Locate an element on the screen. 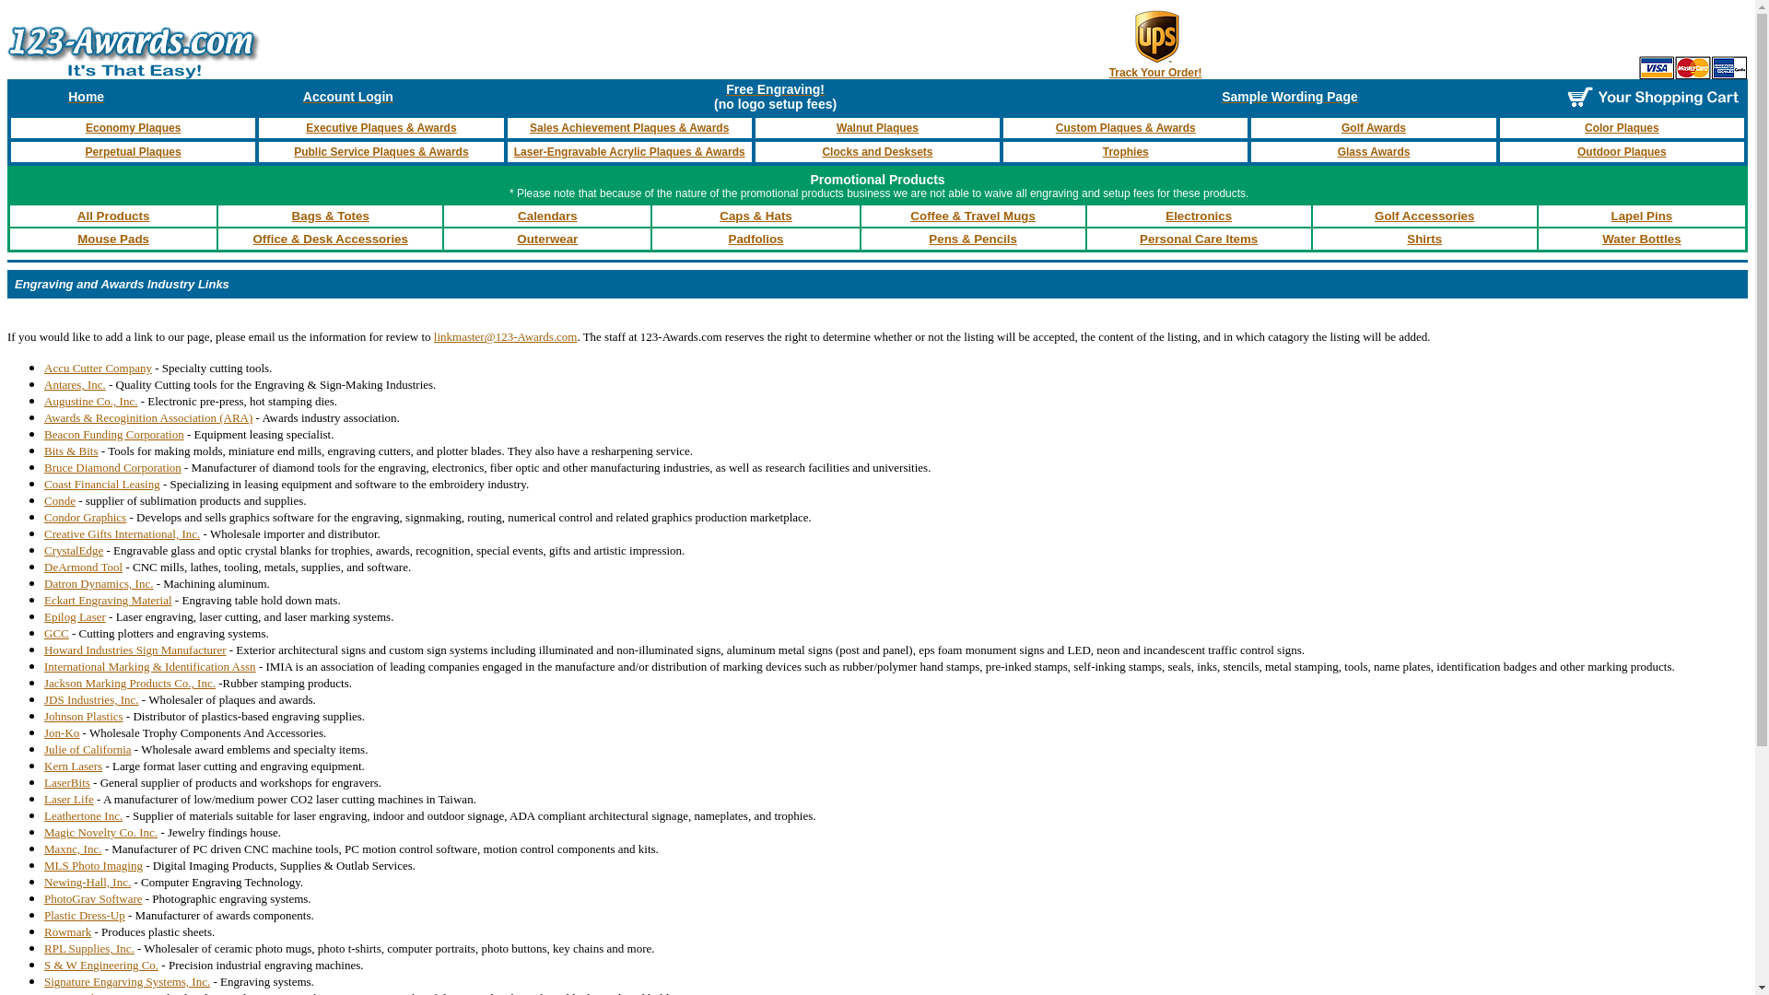  'Kern Lasers' is located at coordinates (73, 766).